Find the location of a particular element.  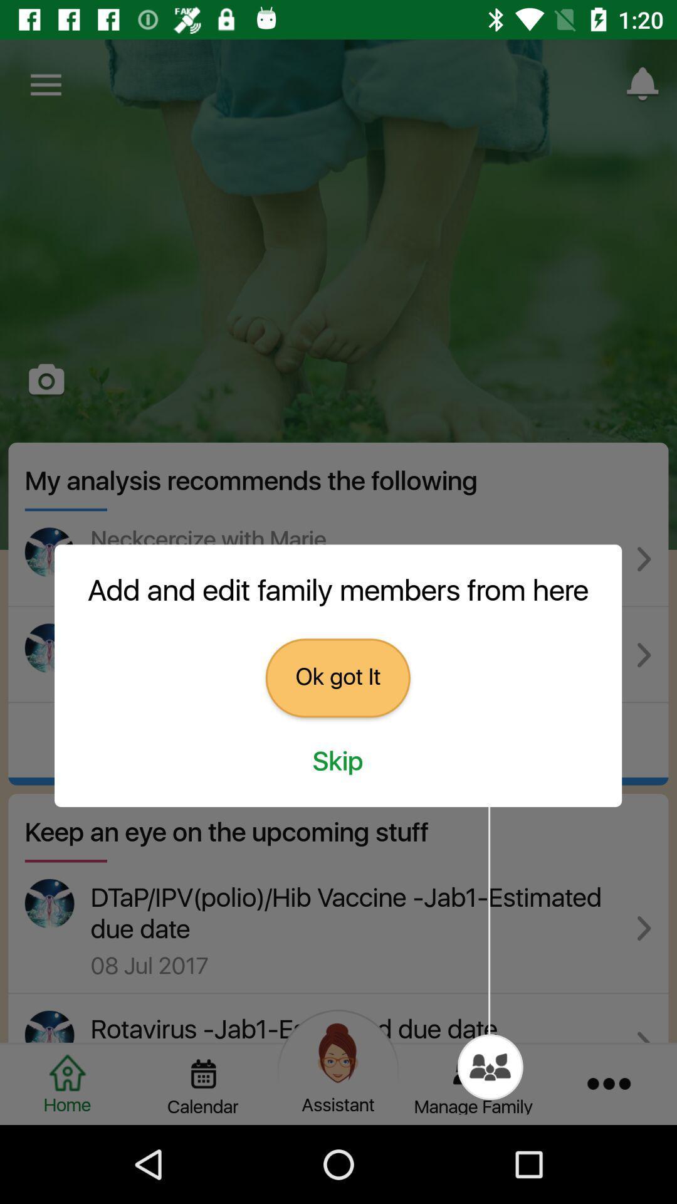

skip is located at coordinates (337, 761).